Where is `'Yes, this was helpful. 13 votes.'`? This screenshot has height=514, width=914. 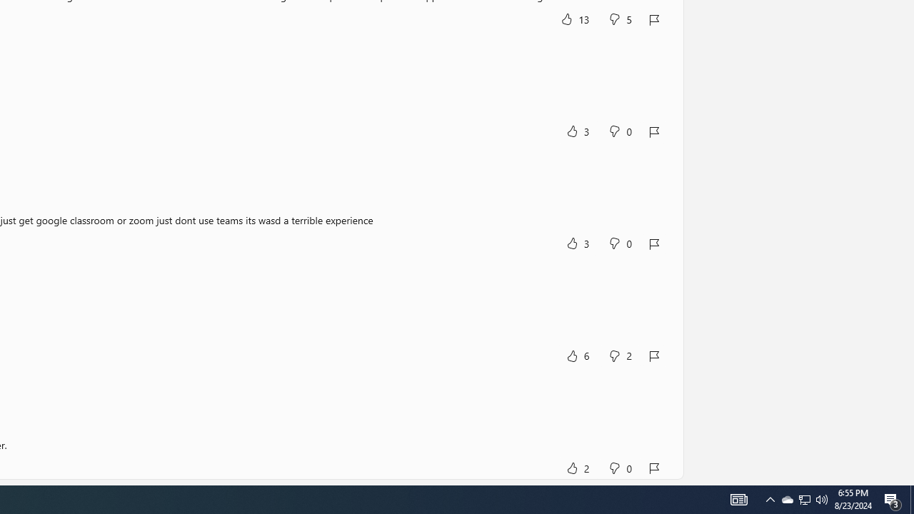 'Yes, this was helpful. 13 votes.' is located at coordinates (575, 19).